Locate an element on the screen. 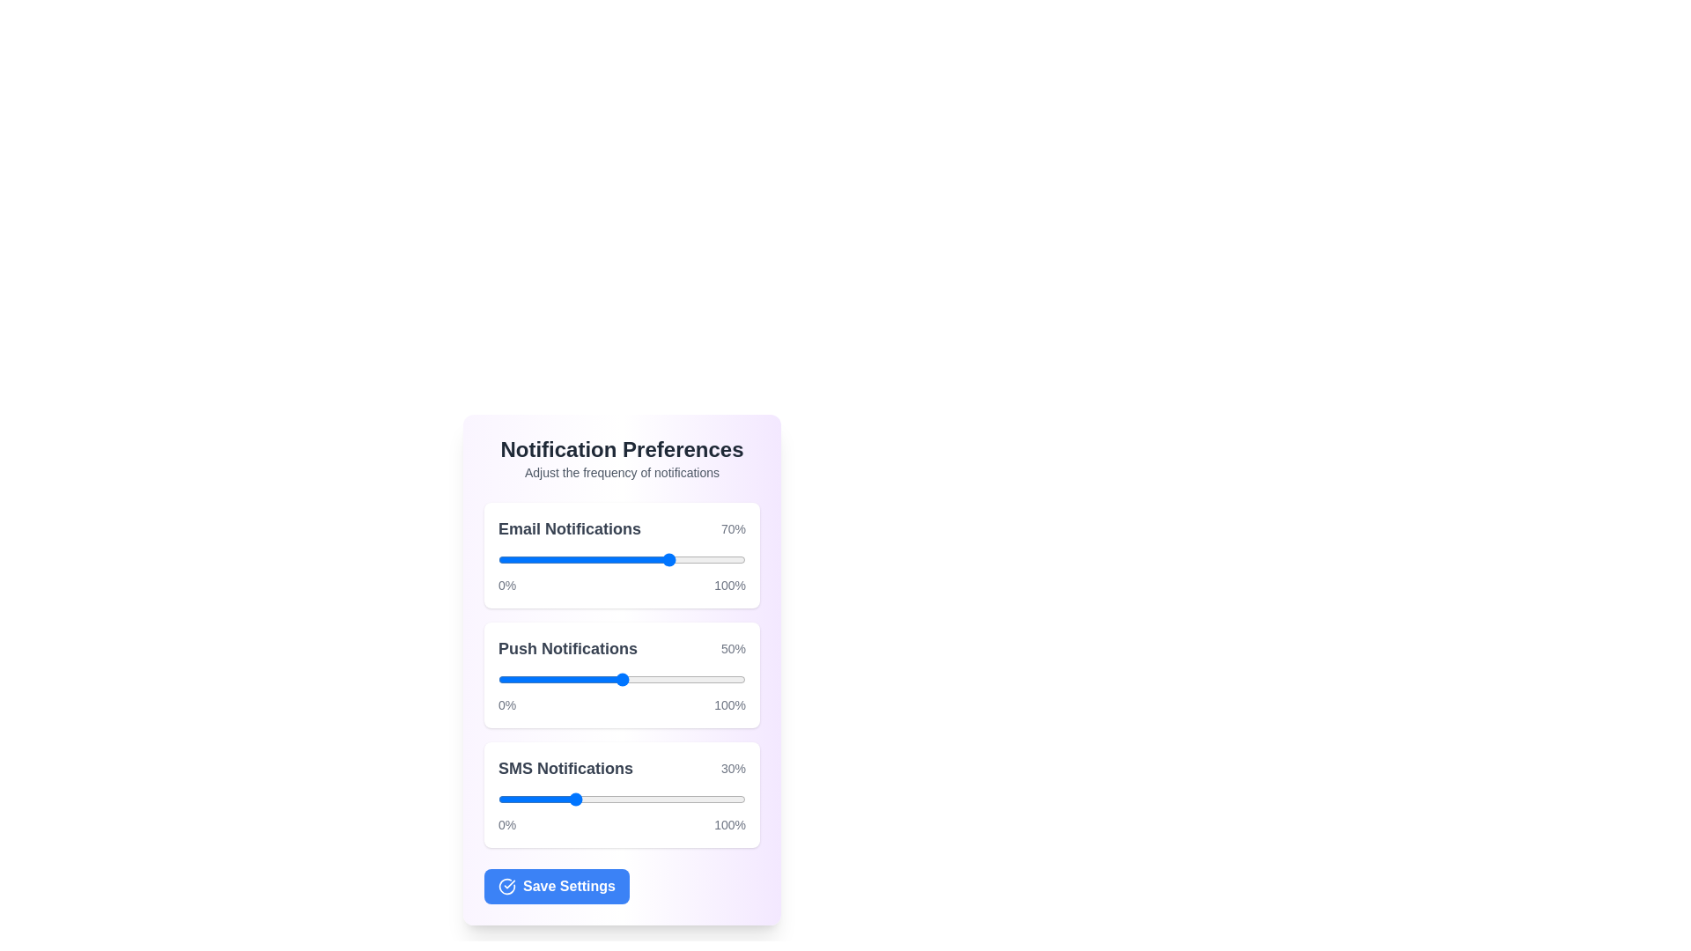  the blue button with rounded corners labeled 'Save Settings' is located at coordinates (622, 886).